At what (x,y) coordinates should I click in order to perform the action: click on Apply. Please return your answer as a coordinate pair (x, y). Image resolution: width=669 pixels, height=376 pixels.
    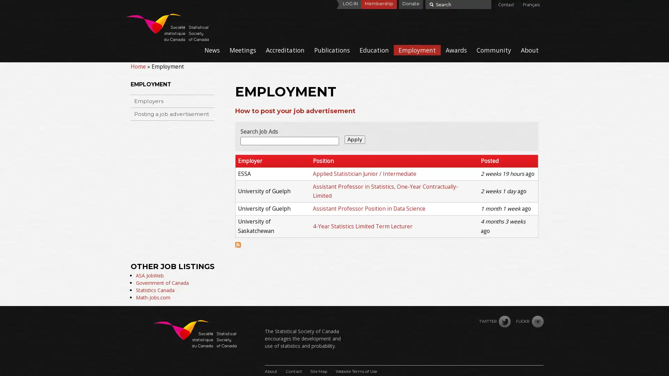
    Looking at the image, I should click on (354, 139).